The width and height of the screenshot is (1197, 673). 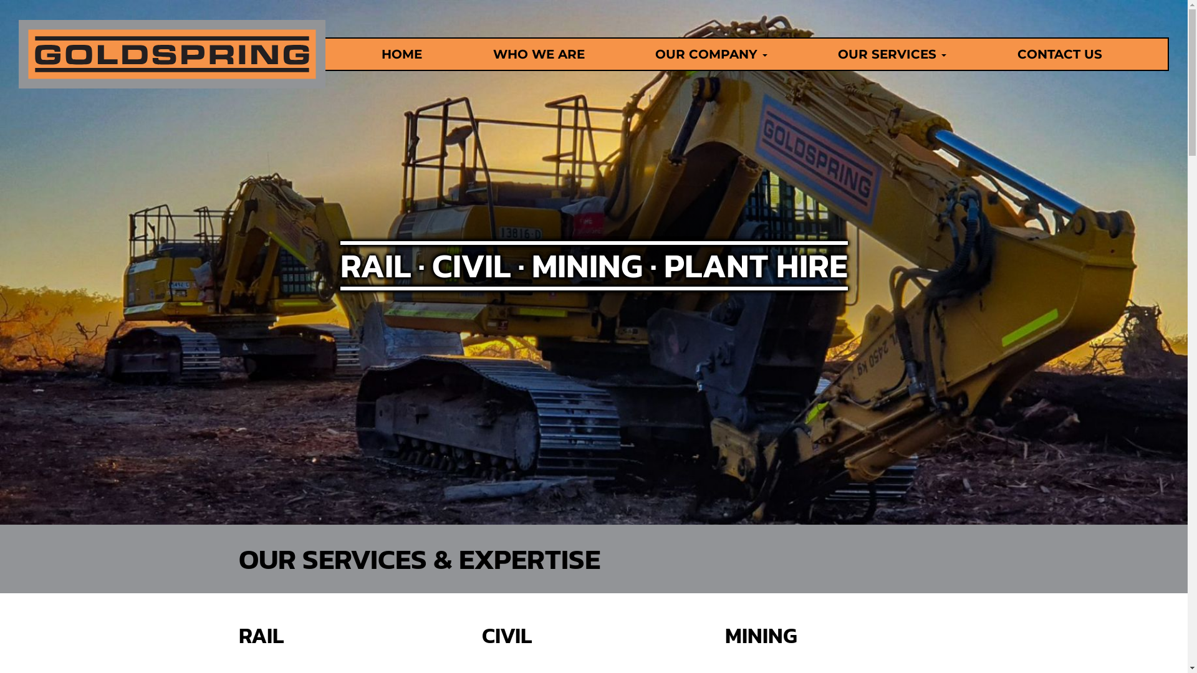 I want to click on 'WHO WE ARE', so click(x=539, y=54).